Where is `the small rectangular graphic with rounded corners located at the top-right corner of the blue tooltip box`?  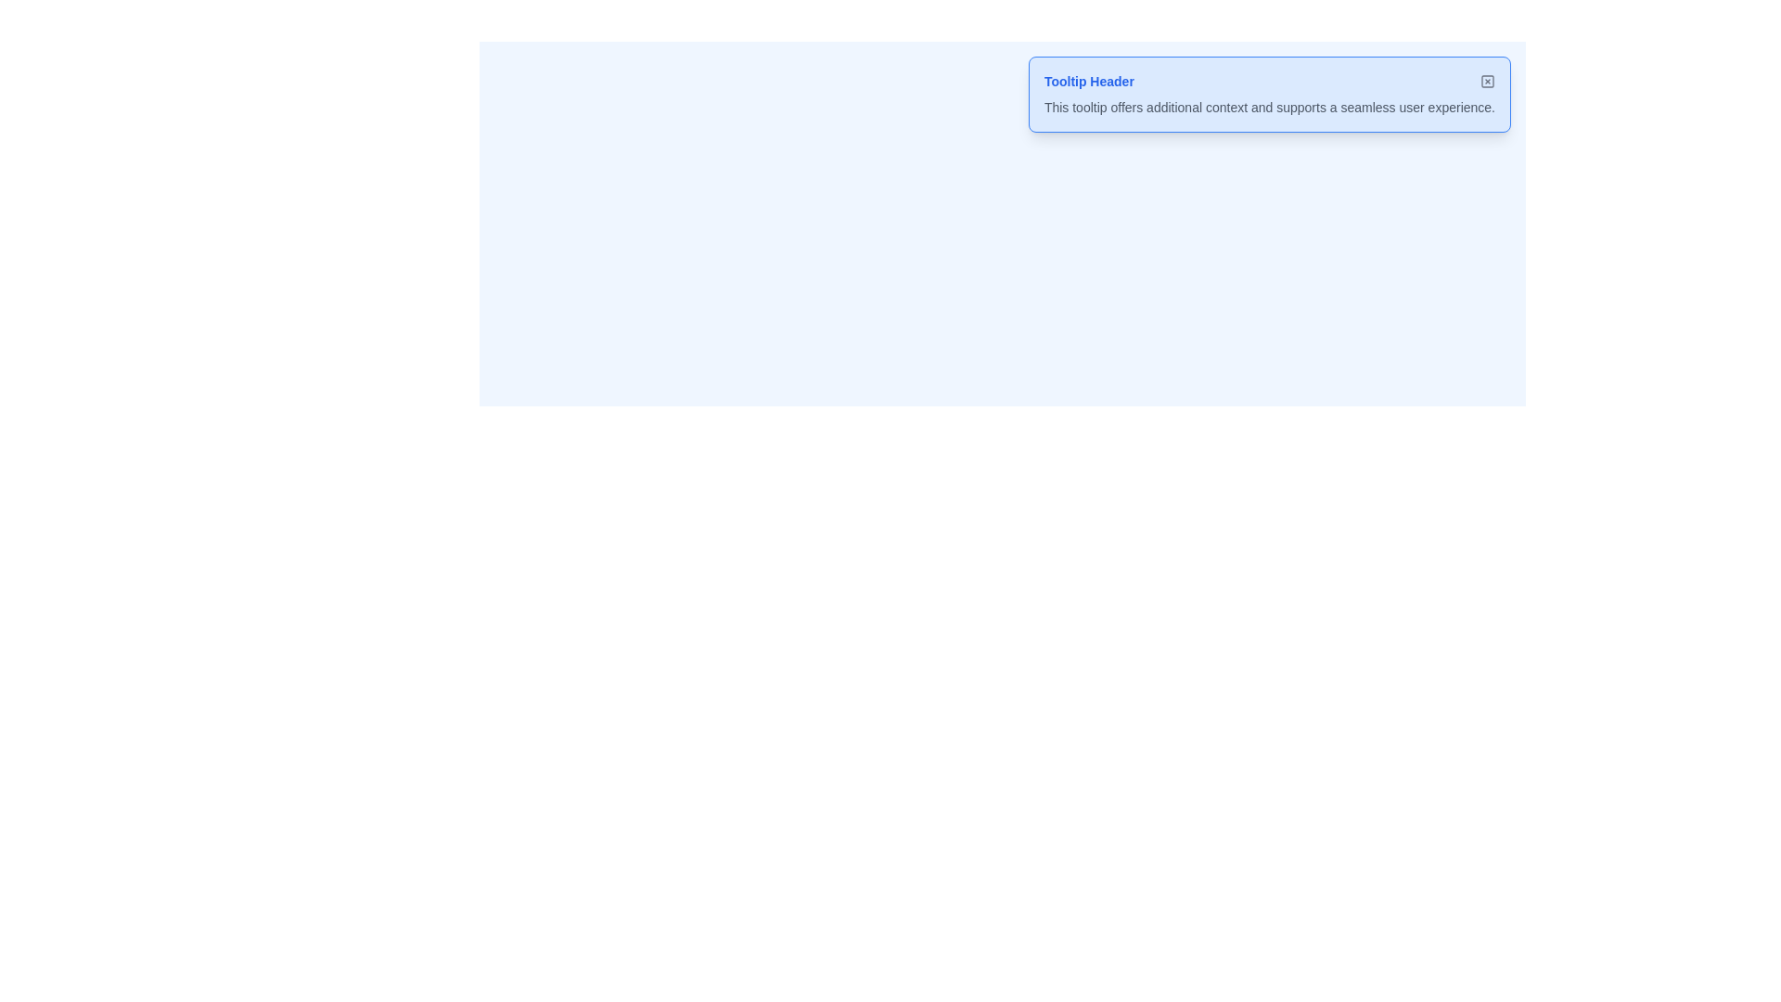
the small rectangular graphic with rounded corners located at the top-right corner of the blue tooltip box is located at coordinates (1487, 81).